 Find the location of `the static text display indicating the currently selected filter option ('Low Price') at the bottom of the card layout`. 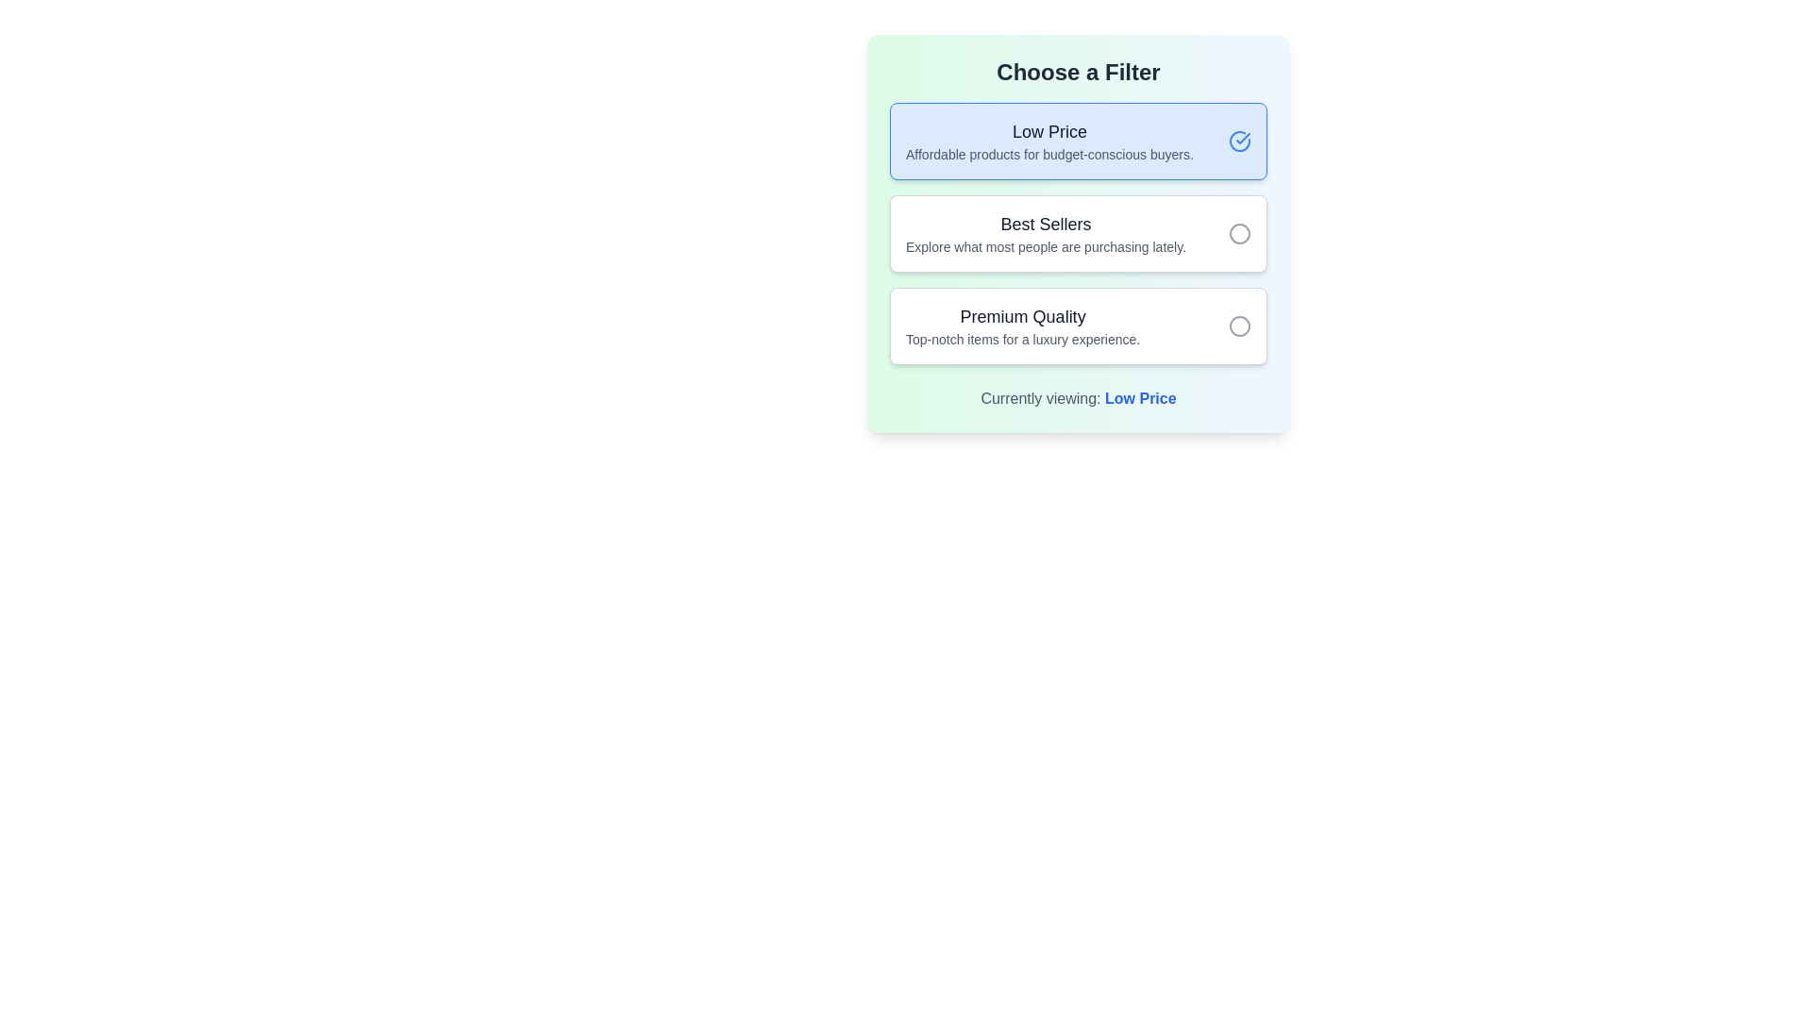

the static text display indicating the currently selected filter option ('Low Price') at the bottom of the card layout is located at coordinates (1078, 398).